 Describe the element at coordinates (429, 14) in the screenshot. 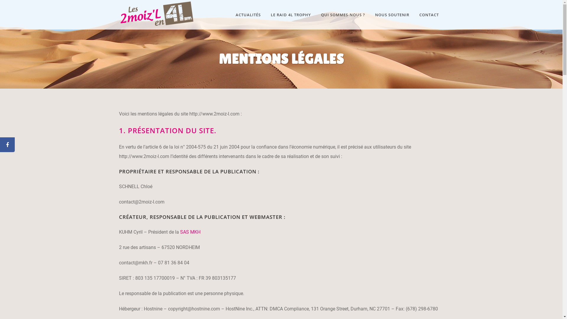

I see `'CONTACT'` at that location.